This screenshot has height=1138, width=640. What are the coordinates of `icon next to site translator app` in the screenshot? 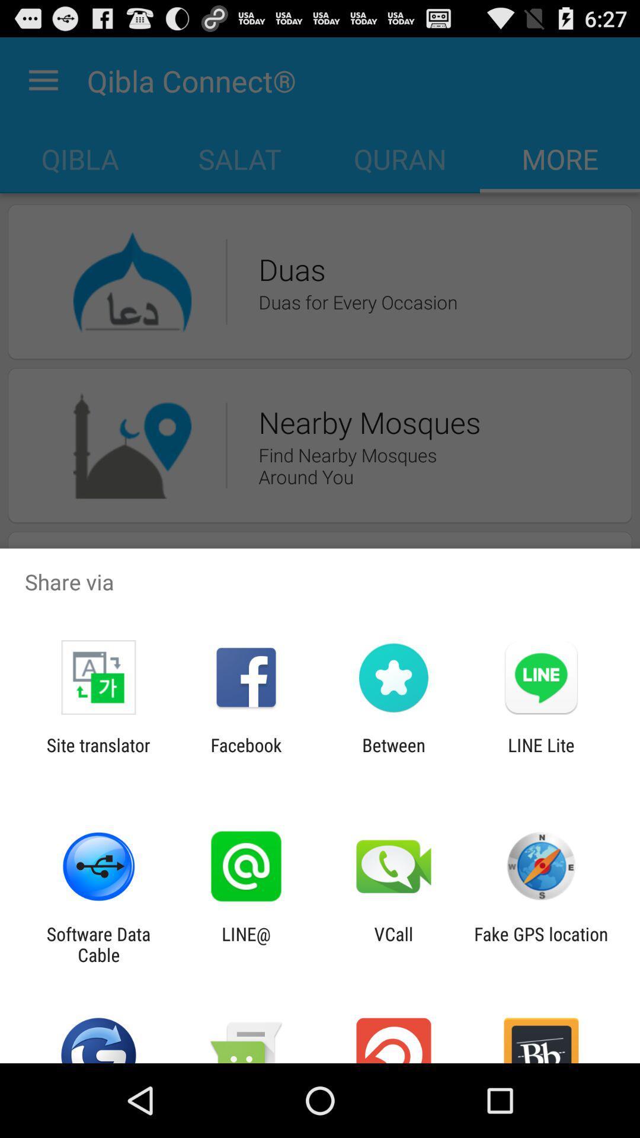 It's located at (245, 755).